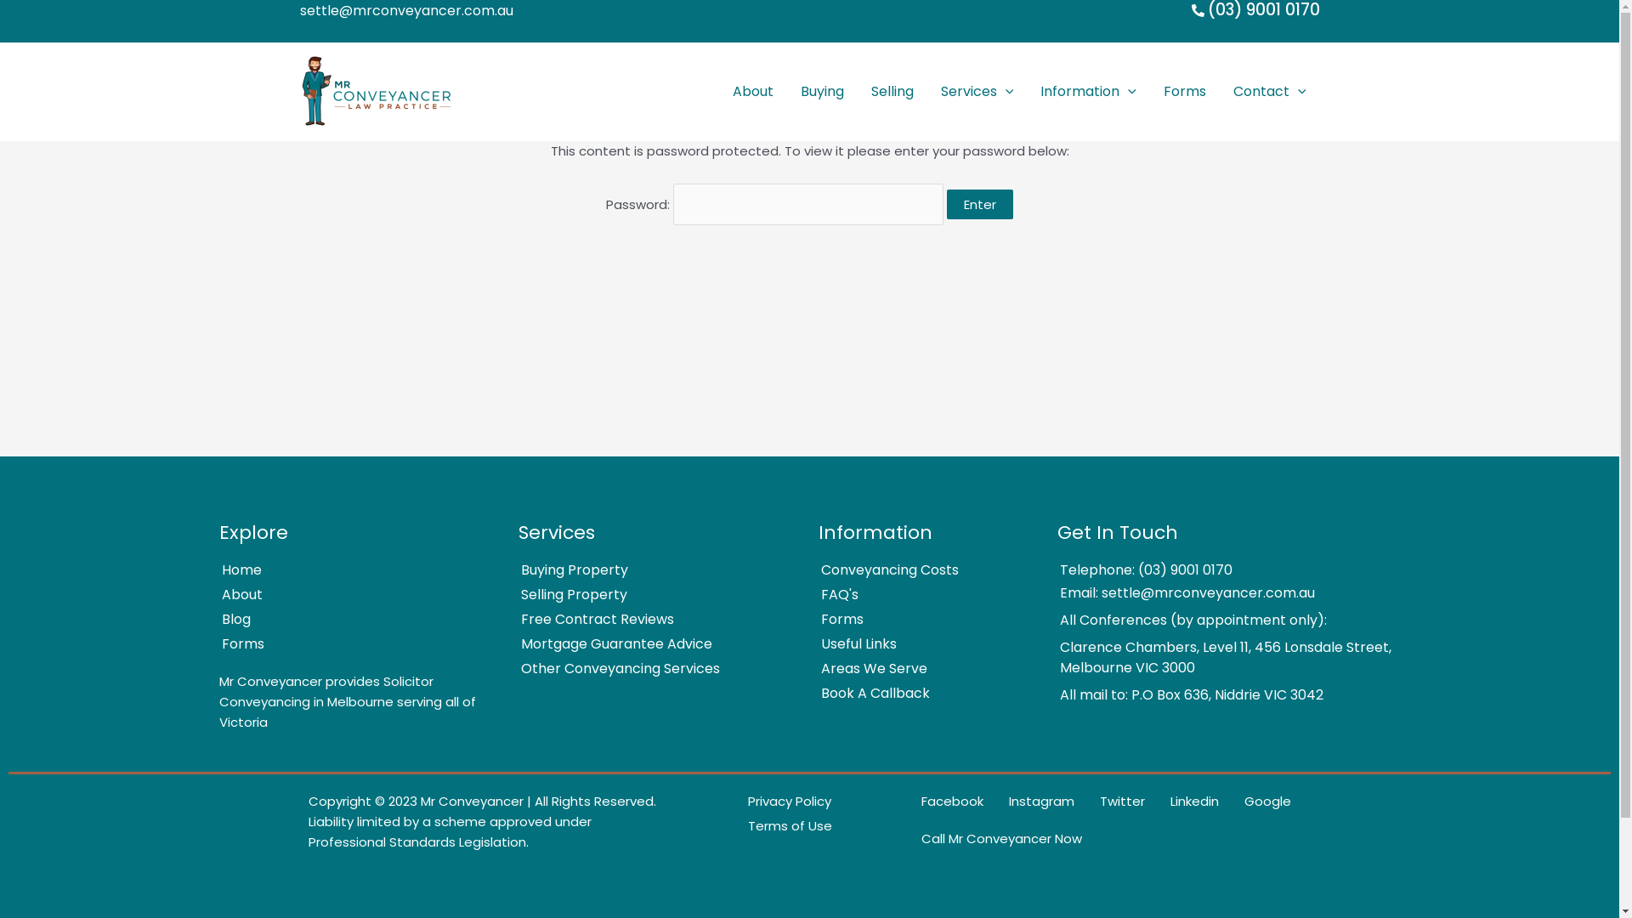 Image resolution: width=1632 pixels, height=918 pixels. What do you see at coordinates (649, 667) in the screenshot?
I see `'Other Conveyancing Services'` at bounding box center [649, 667].